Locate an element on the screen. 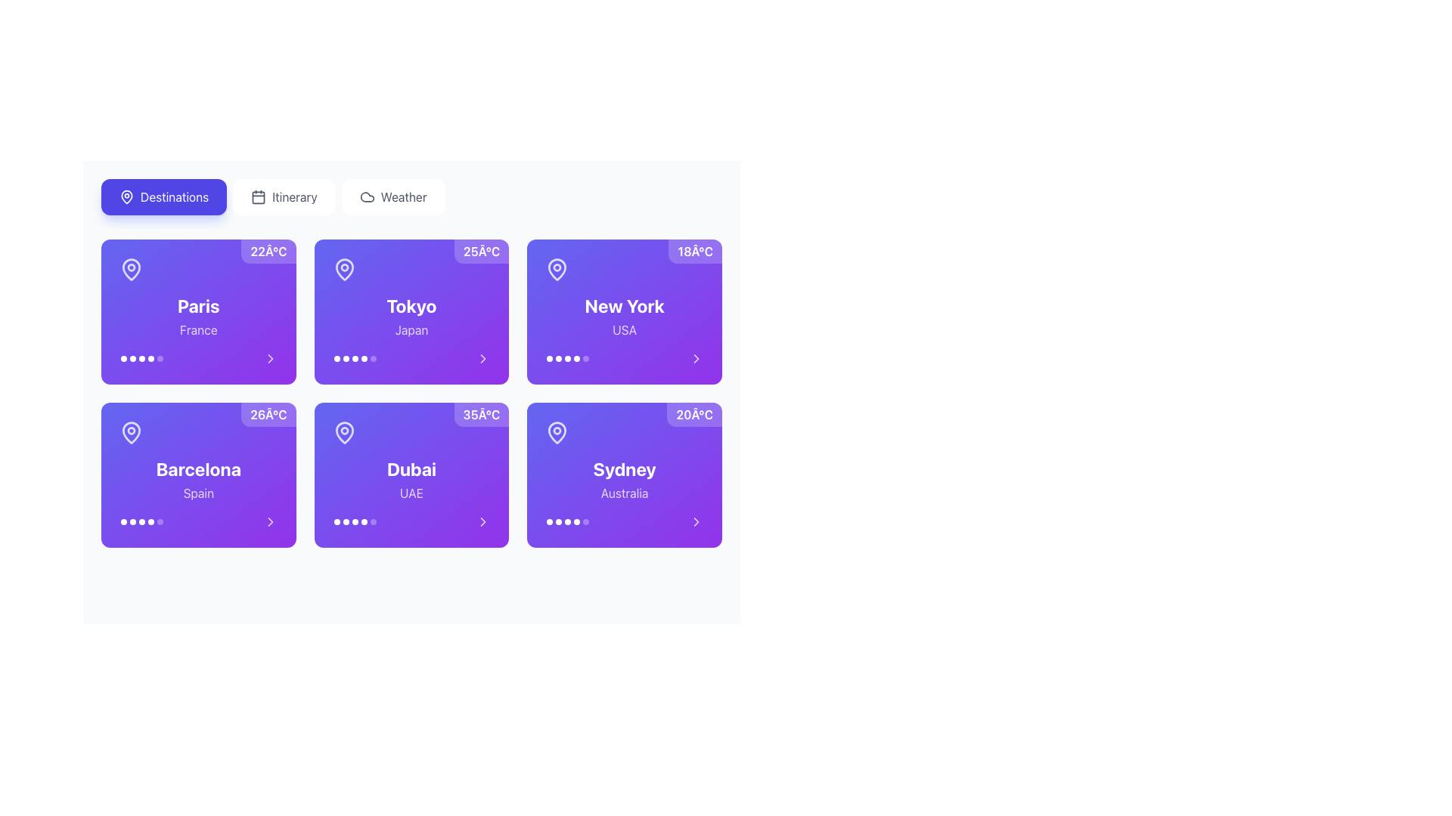 The width and height of the screenshot is (1452, 816). the rounded label displaying '18Â°C' on a semi-transparent background, located at the top-right corner of the 'New York' card is located at coordinates (694, 250).